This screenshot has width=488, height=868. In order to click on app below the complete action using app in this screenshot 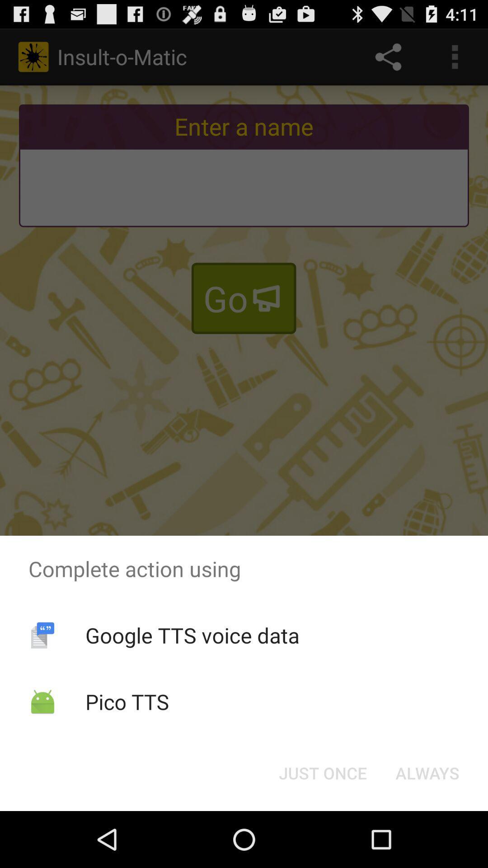, I will do `click(427, 772)`.